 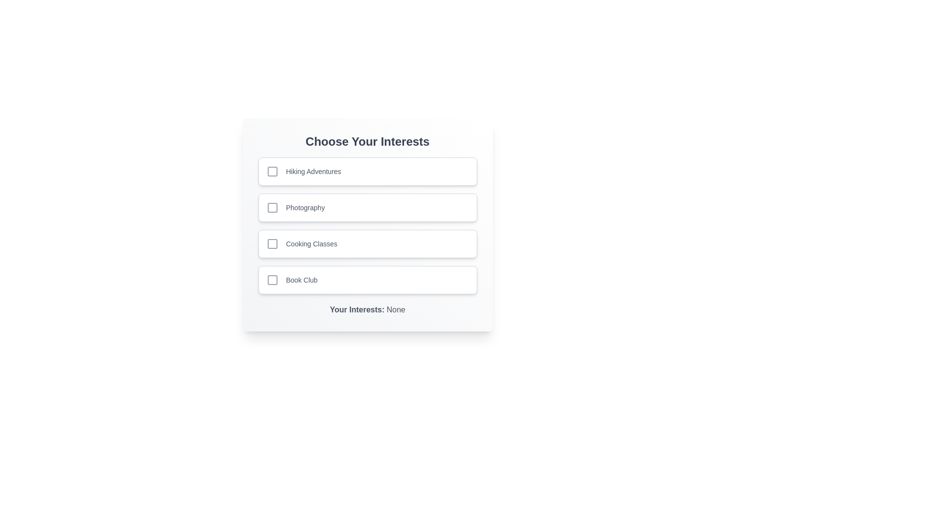 I want to click on the 'Hiking Adventures' text label to provide user feedback regarding the selectable option, so click(x=313, y=171).